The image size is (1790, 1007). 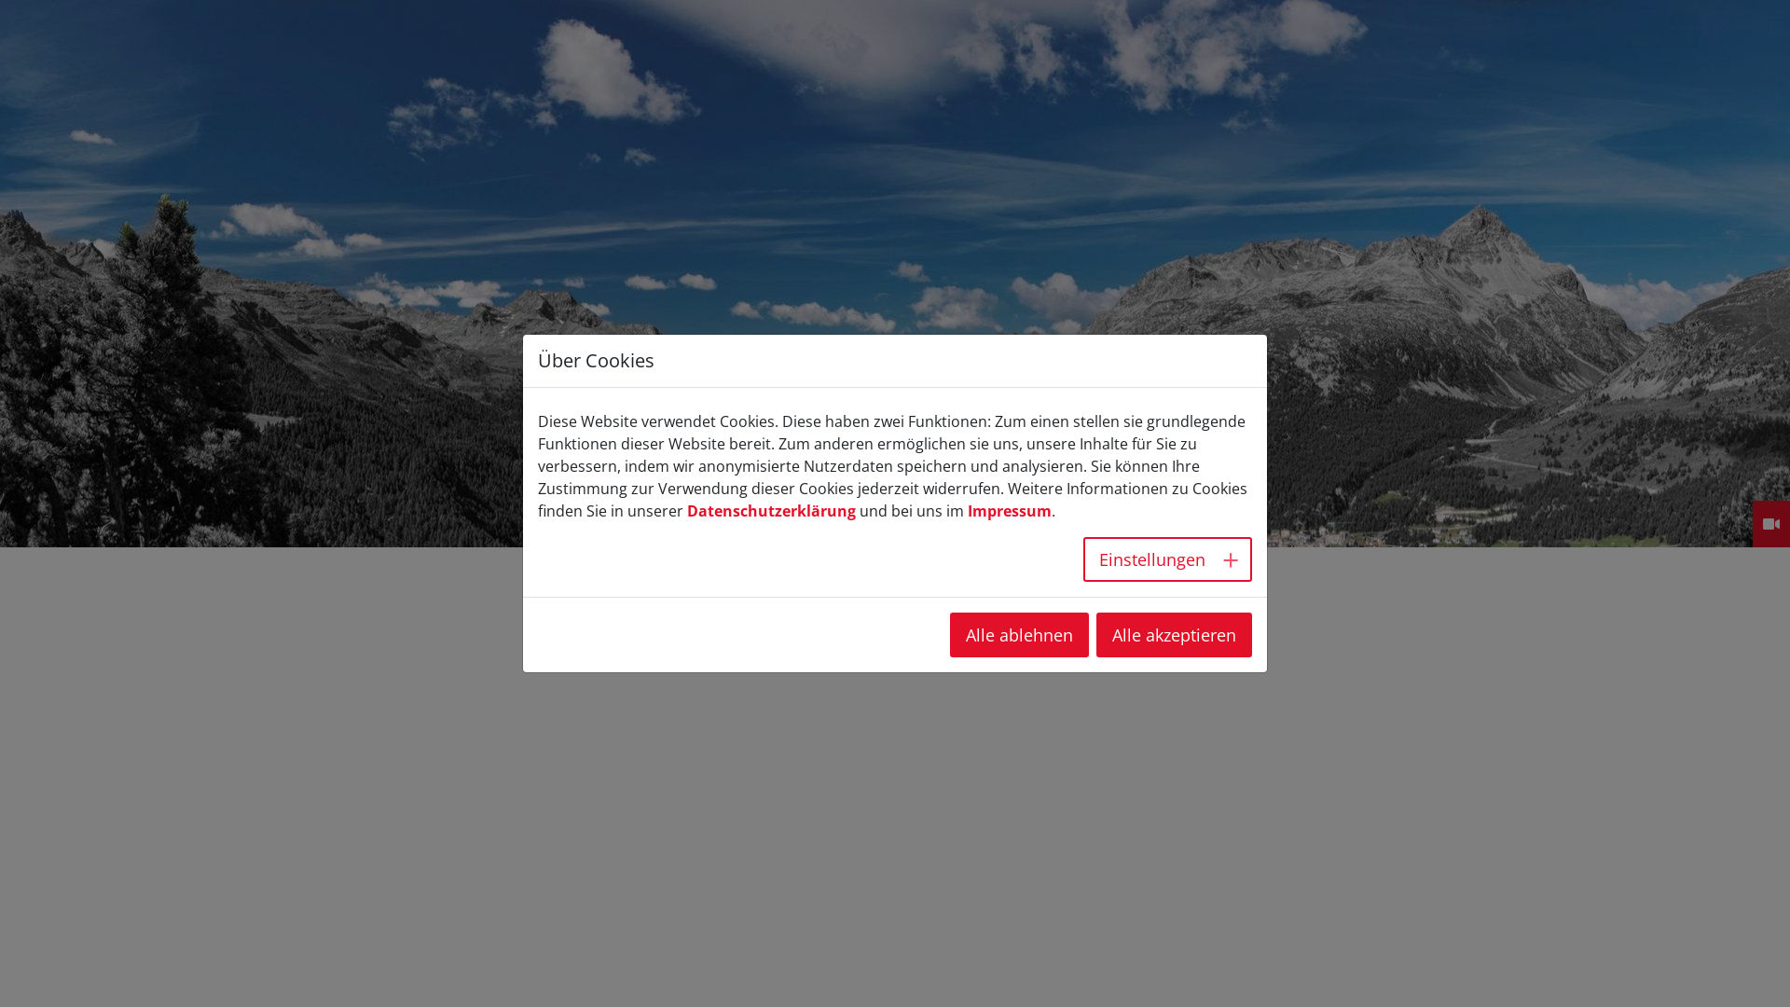 I want to click on 'Alle akzeptieren', so click(x=1096, y=634).